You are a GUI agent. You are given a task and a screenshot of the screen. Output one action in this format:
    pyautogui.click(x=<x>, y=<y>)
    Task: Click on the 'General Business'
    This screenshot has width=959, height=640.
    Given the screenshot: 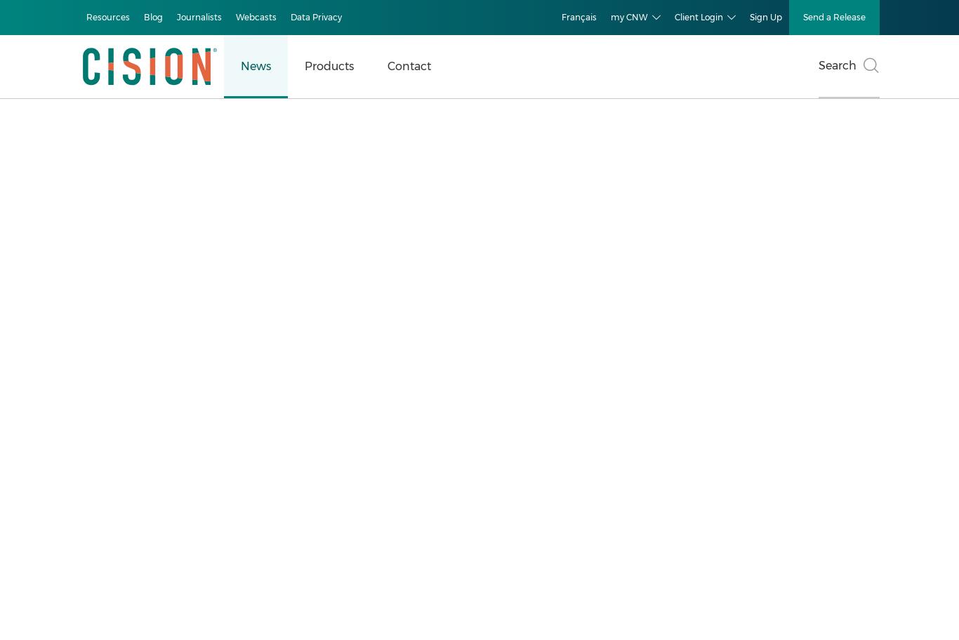 What is the action you would take?
    pyautogui.click(x=95, y=371)
    